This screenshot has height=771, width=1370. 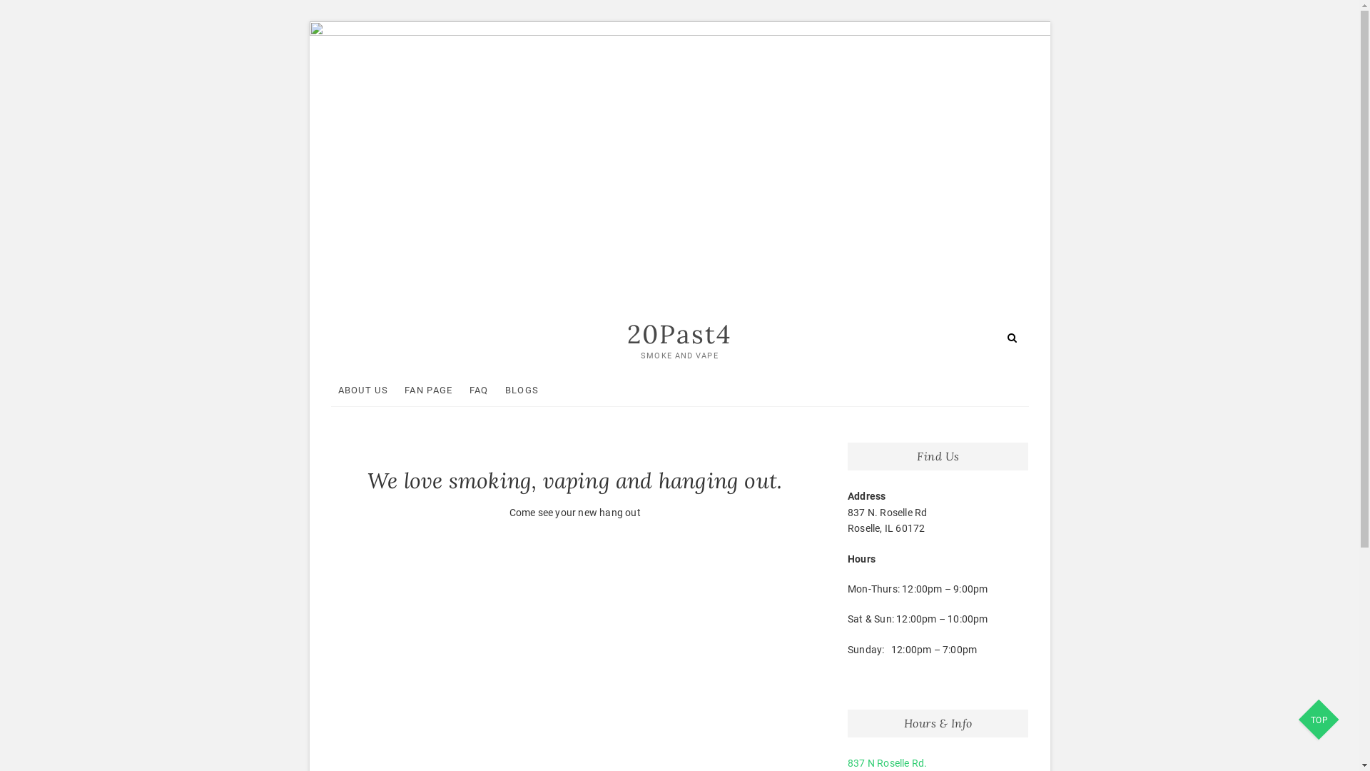 I want to click on 'ABOUT US', so click(x=362, y=390).